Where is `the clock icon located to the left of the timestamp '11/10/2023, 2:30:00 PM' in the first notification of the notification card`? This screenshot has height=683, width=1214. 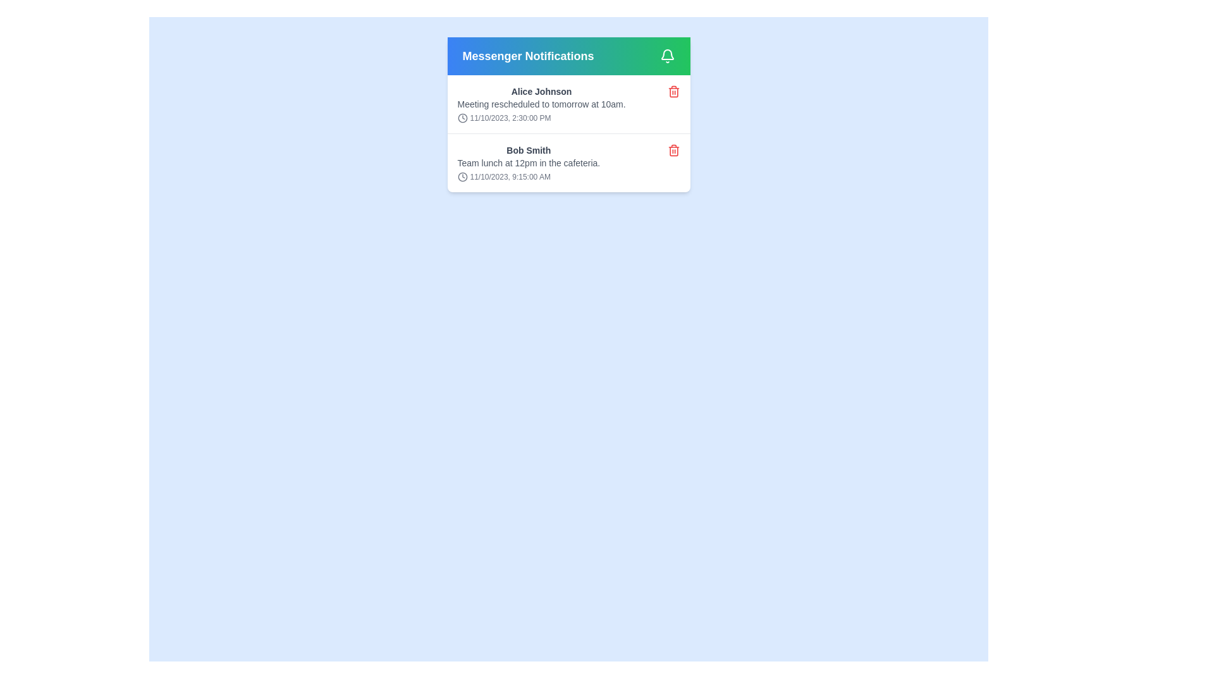 the clock icon located to the left of the timestamp '11/10/2023, 2:30:00 PM' in the first notification of the notification card is located at coordinates (462, 118).